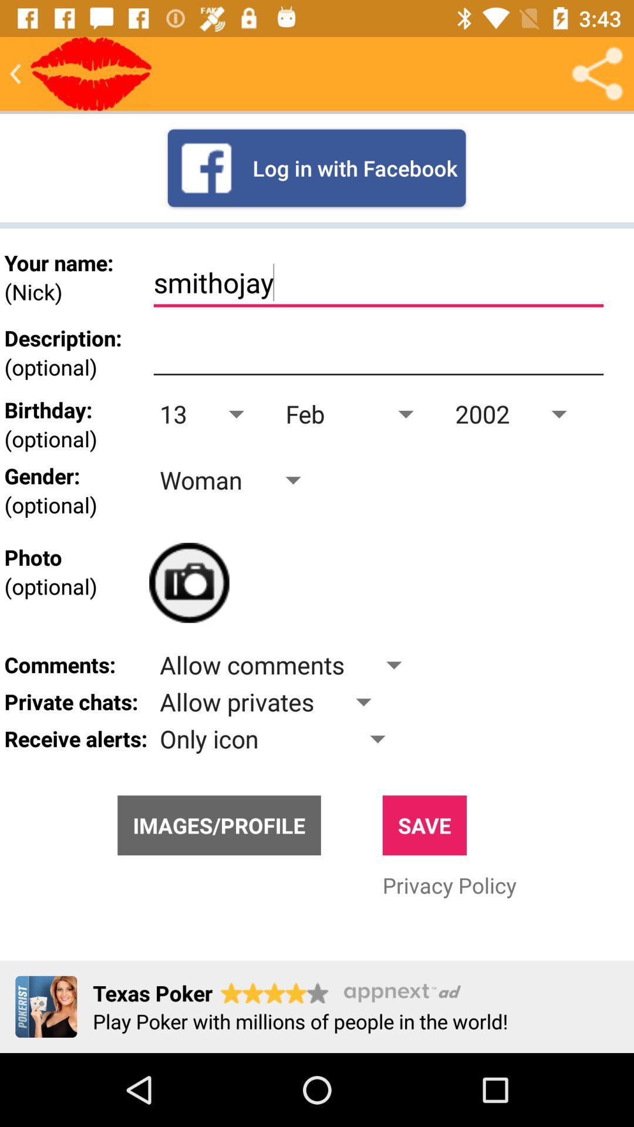 The height and width of the screenshot is (1127, 634). Describe the element at coordinates (597, 73) in the screenshot. I see `share the profile` at that location.